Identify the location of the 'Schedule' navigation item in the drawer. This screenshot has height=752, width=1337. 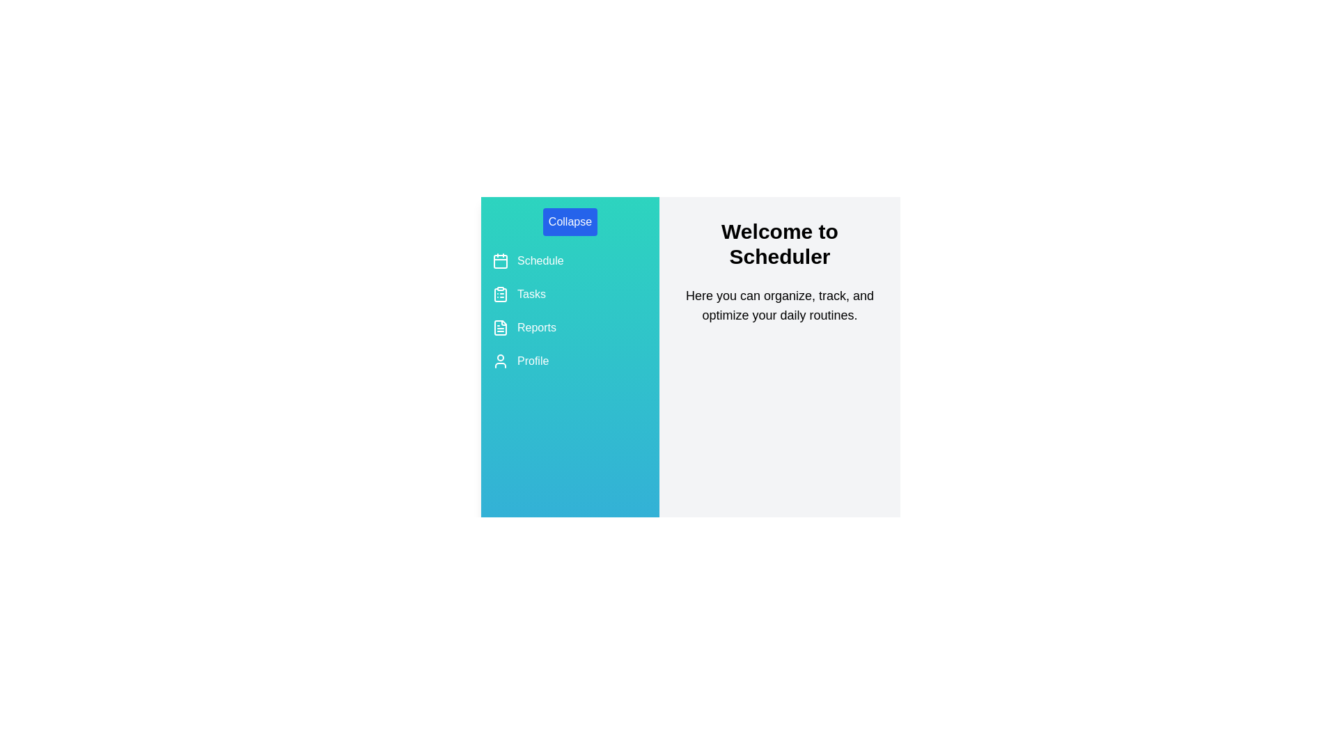
(570, 260).